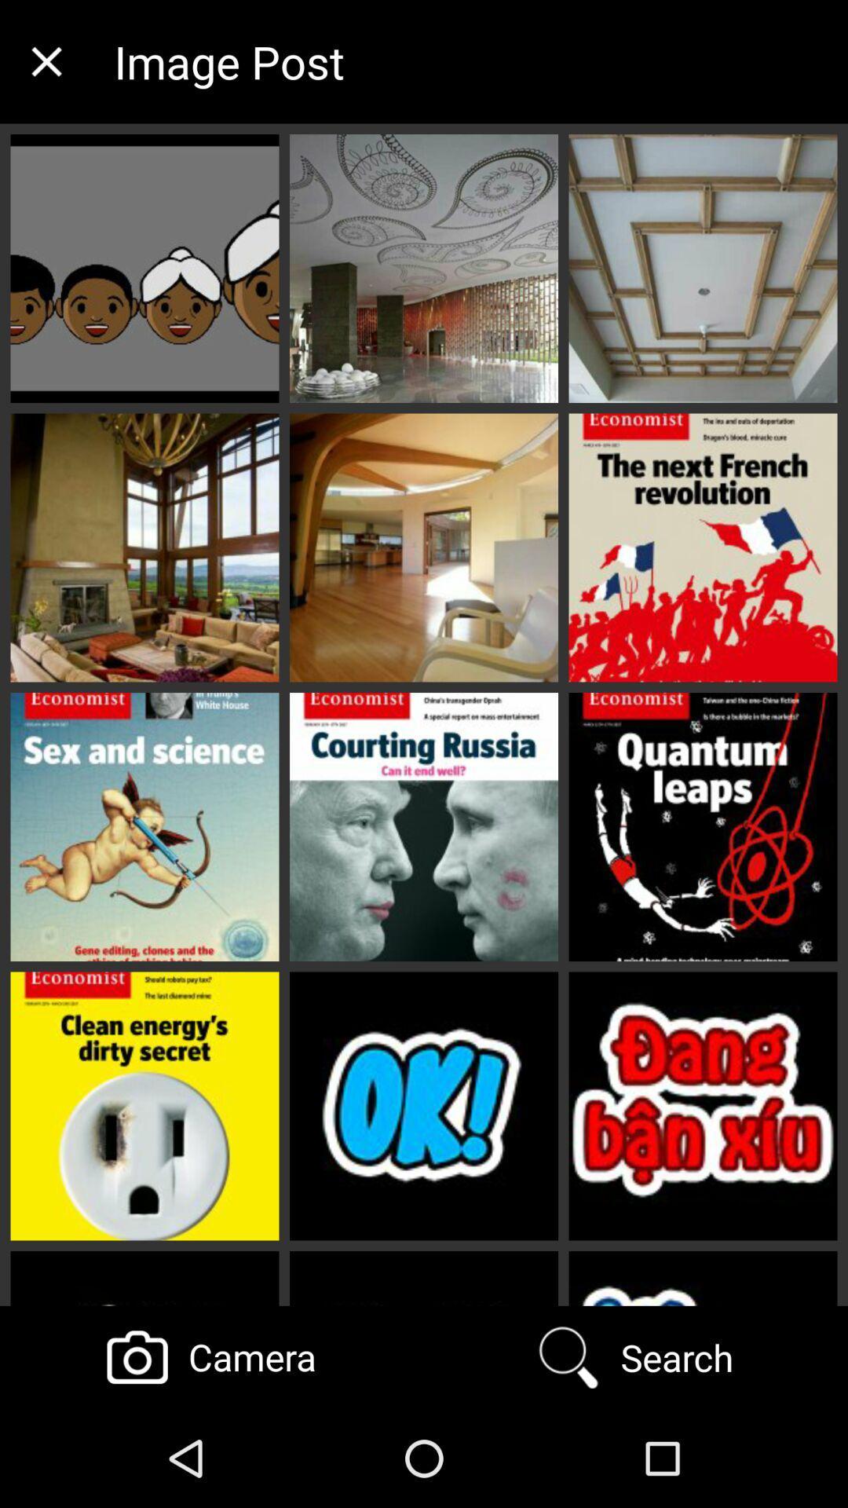 The image size is (848, 1508). Describe the element at coordinates (702, 547) in the screenshot. I see `the image from the second row right corner` at that location.